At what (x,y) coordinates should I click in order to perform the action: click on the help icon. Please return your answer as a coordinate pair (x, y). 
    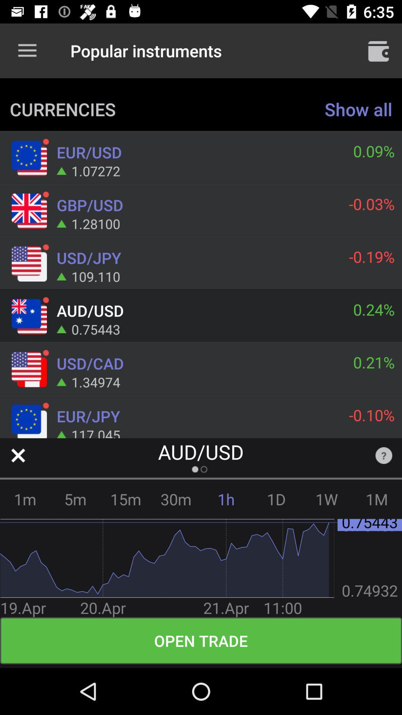
    Looking at the image, I should click on (384, 455).